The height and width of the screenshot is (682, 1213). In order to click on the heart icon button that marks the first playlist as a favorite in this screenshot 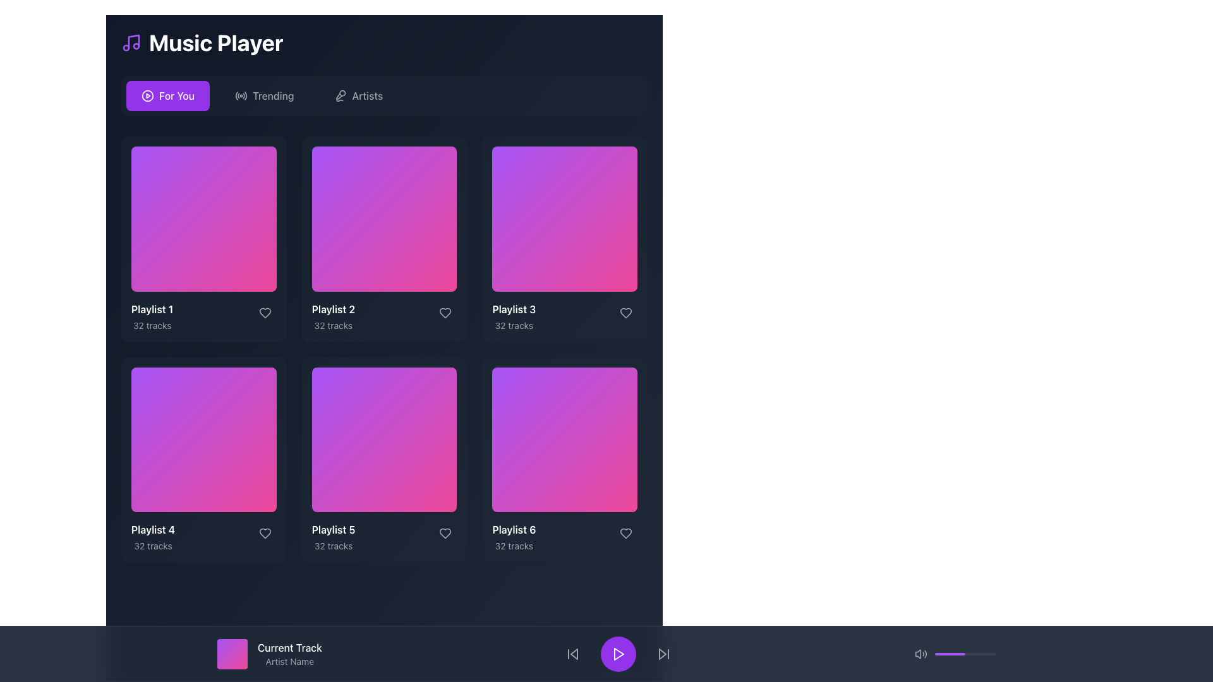, I will do `click(264, 313)`.